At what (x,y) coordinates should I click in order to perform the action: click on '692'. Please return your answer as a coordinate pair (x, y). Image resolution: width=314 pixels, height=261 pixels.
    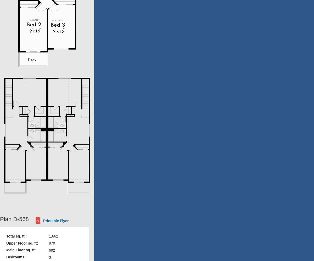
    Looking at the image, I should click on (52, 250).